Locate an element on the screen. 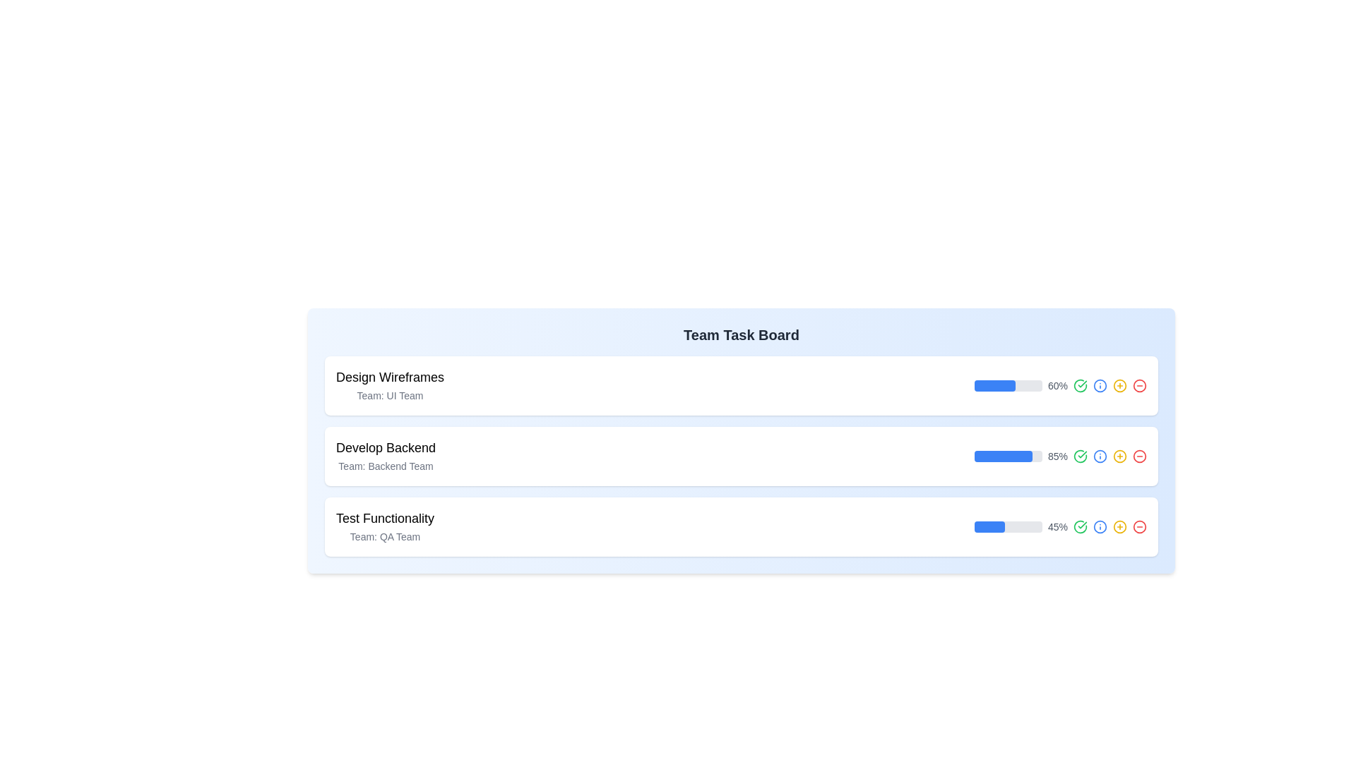 The image size is (1356, 762). the completion icon located in the first row under the interactive indicators column, specifically the second icon from the right is located at coordinates (1080, 386).